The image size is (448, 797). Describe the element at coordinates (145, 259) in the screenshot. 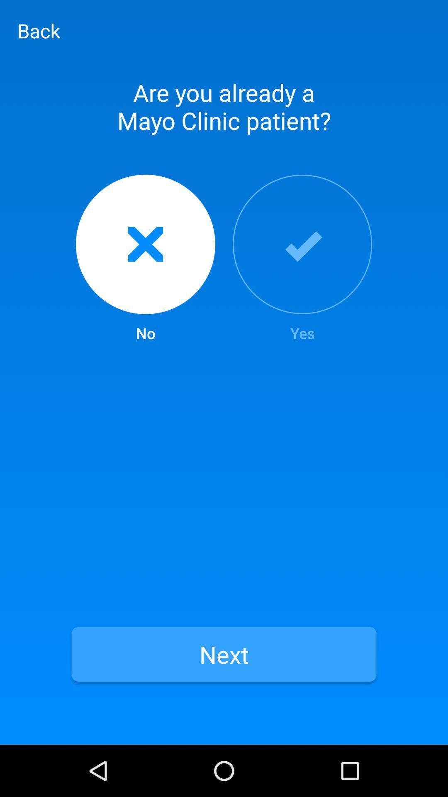

I see `item next to the yes` at that location.